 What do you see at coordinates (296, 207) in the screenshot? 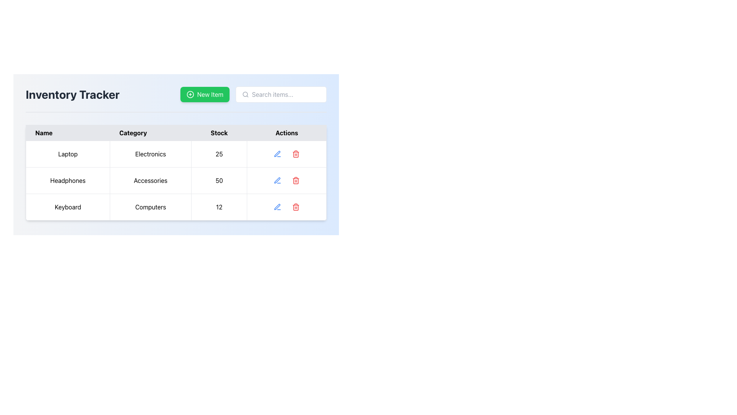
I see `the delete action icon, which is the third interactive icon in the last row under the 'Actions' column` at bounding box center [296, 207].